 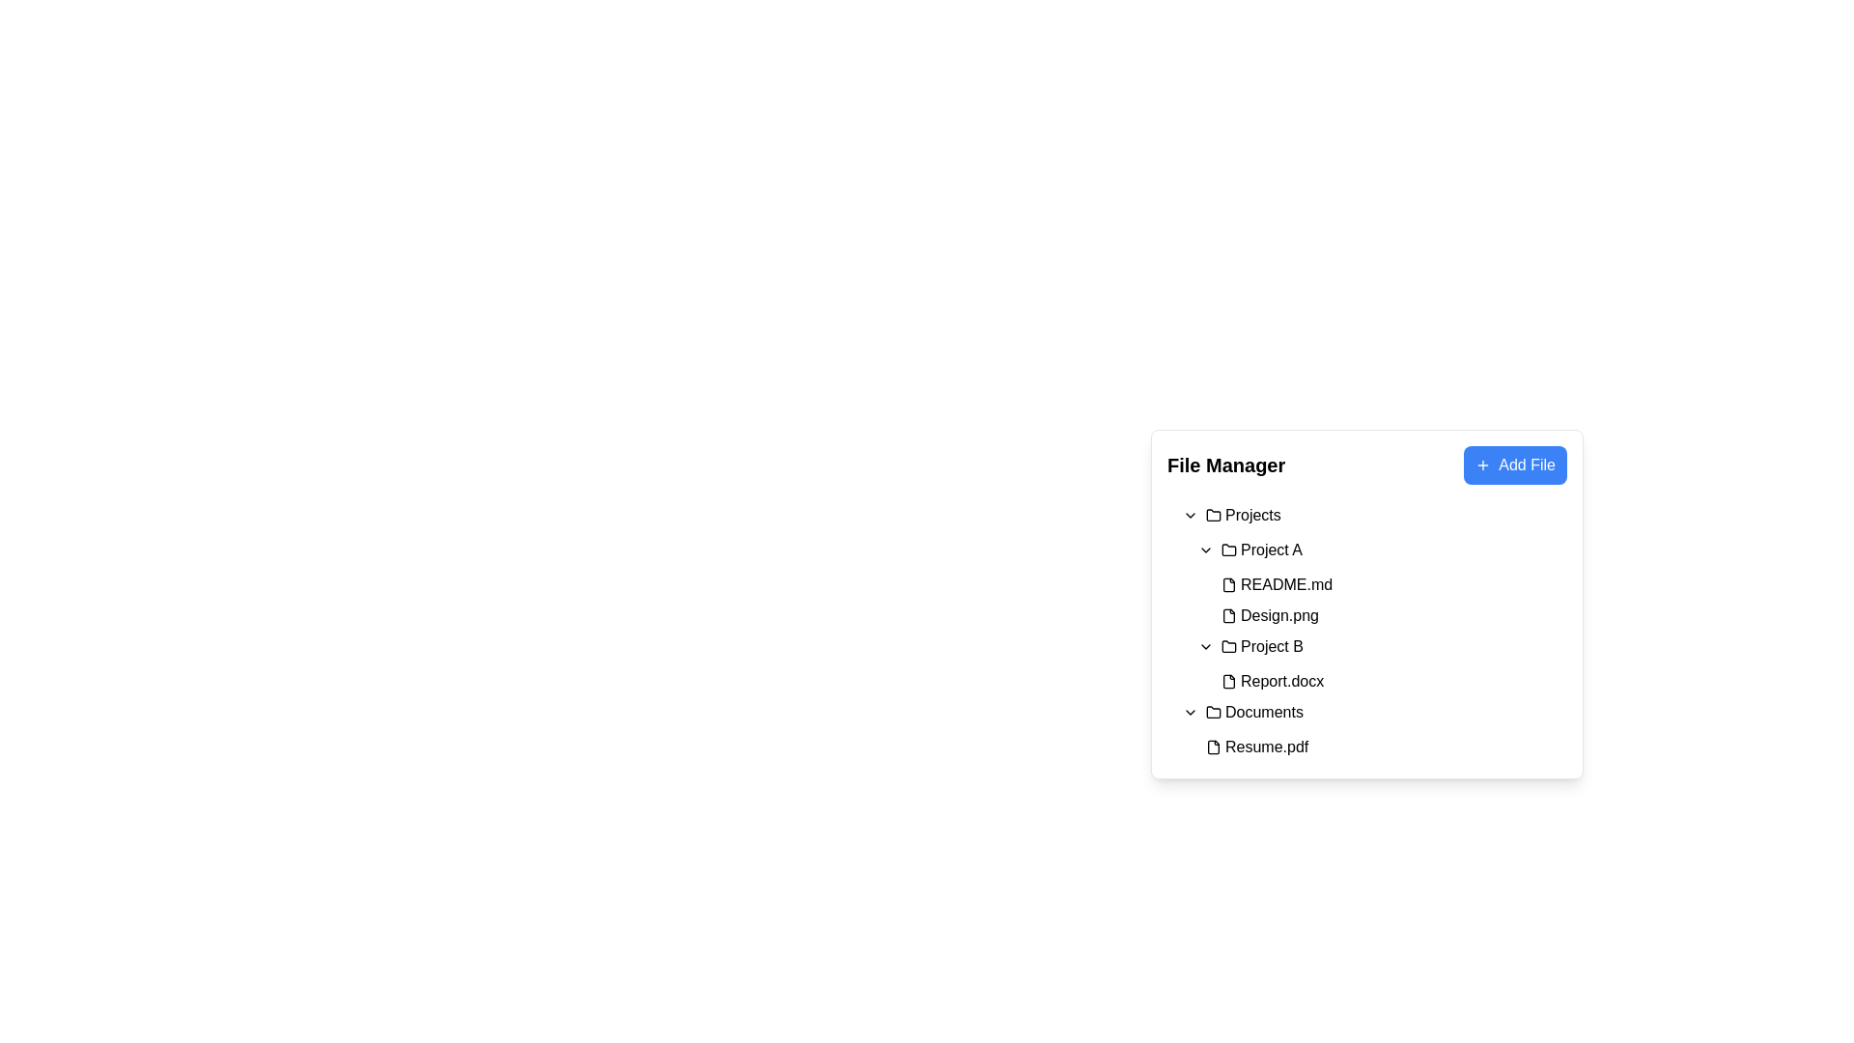 What do you see at coordinates (1227, 645) in the screenshot?
I see `the folder icon representing 'Project B' in the file management interface` at bounding box center [1227, 645].